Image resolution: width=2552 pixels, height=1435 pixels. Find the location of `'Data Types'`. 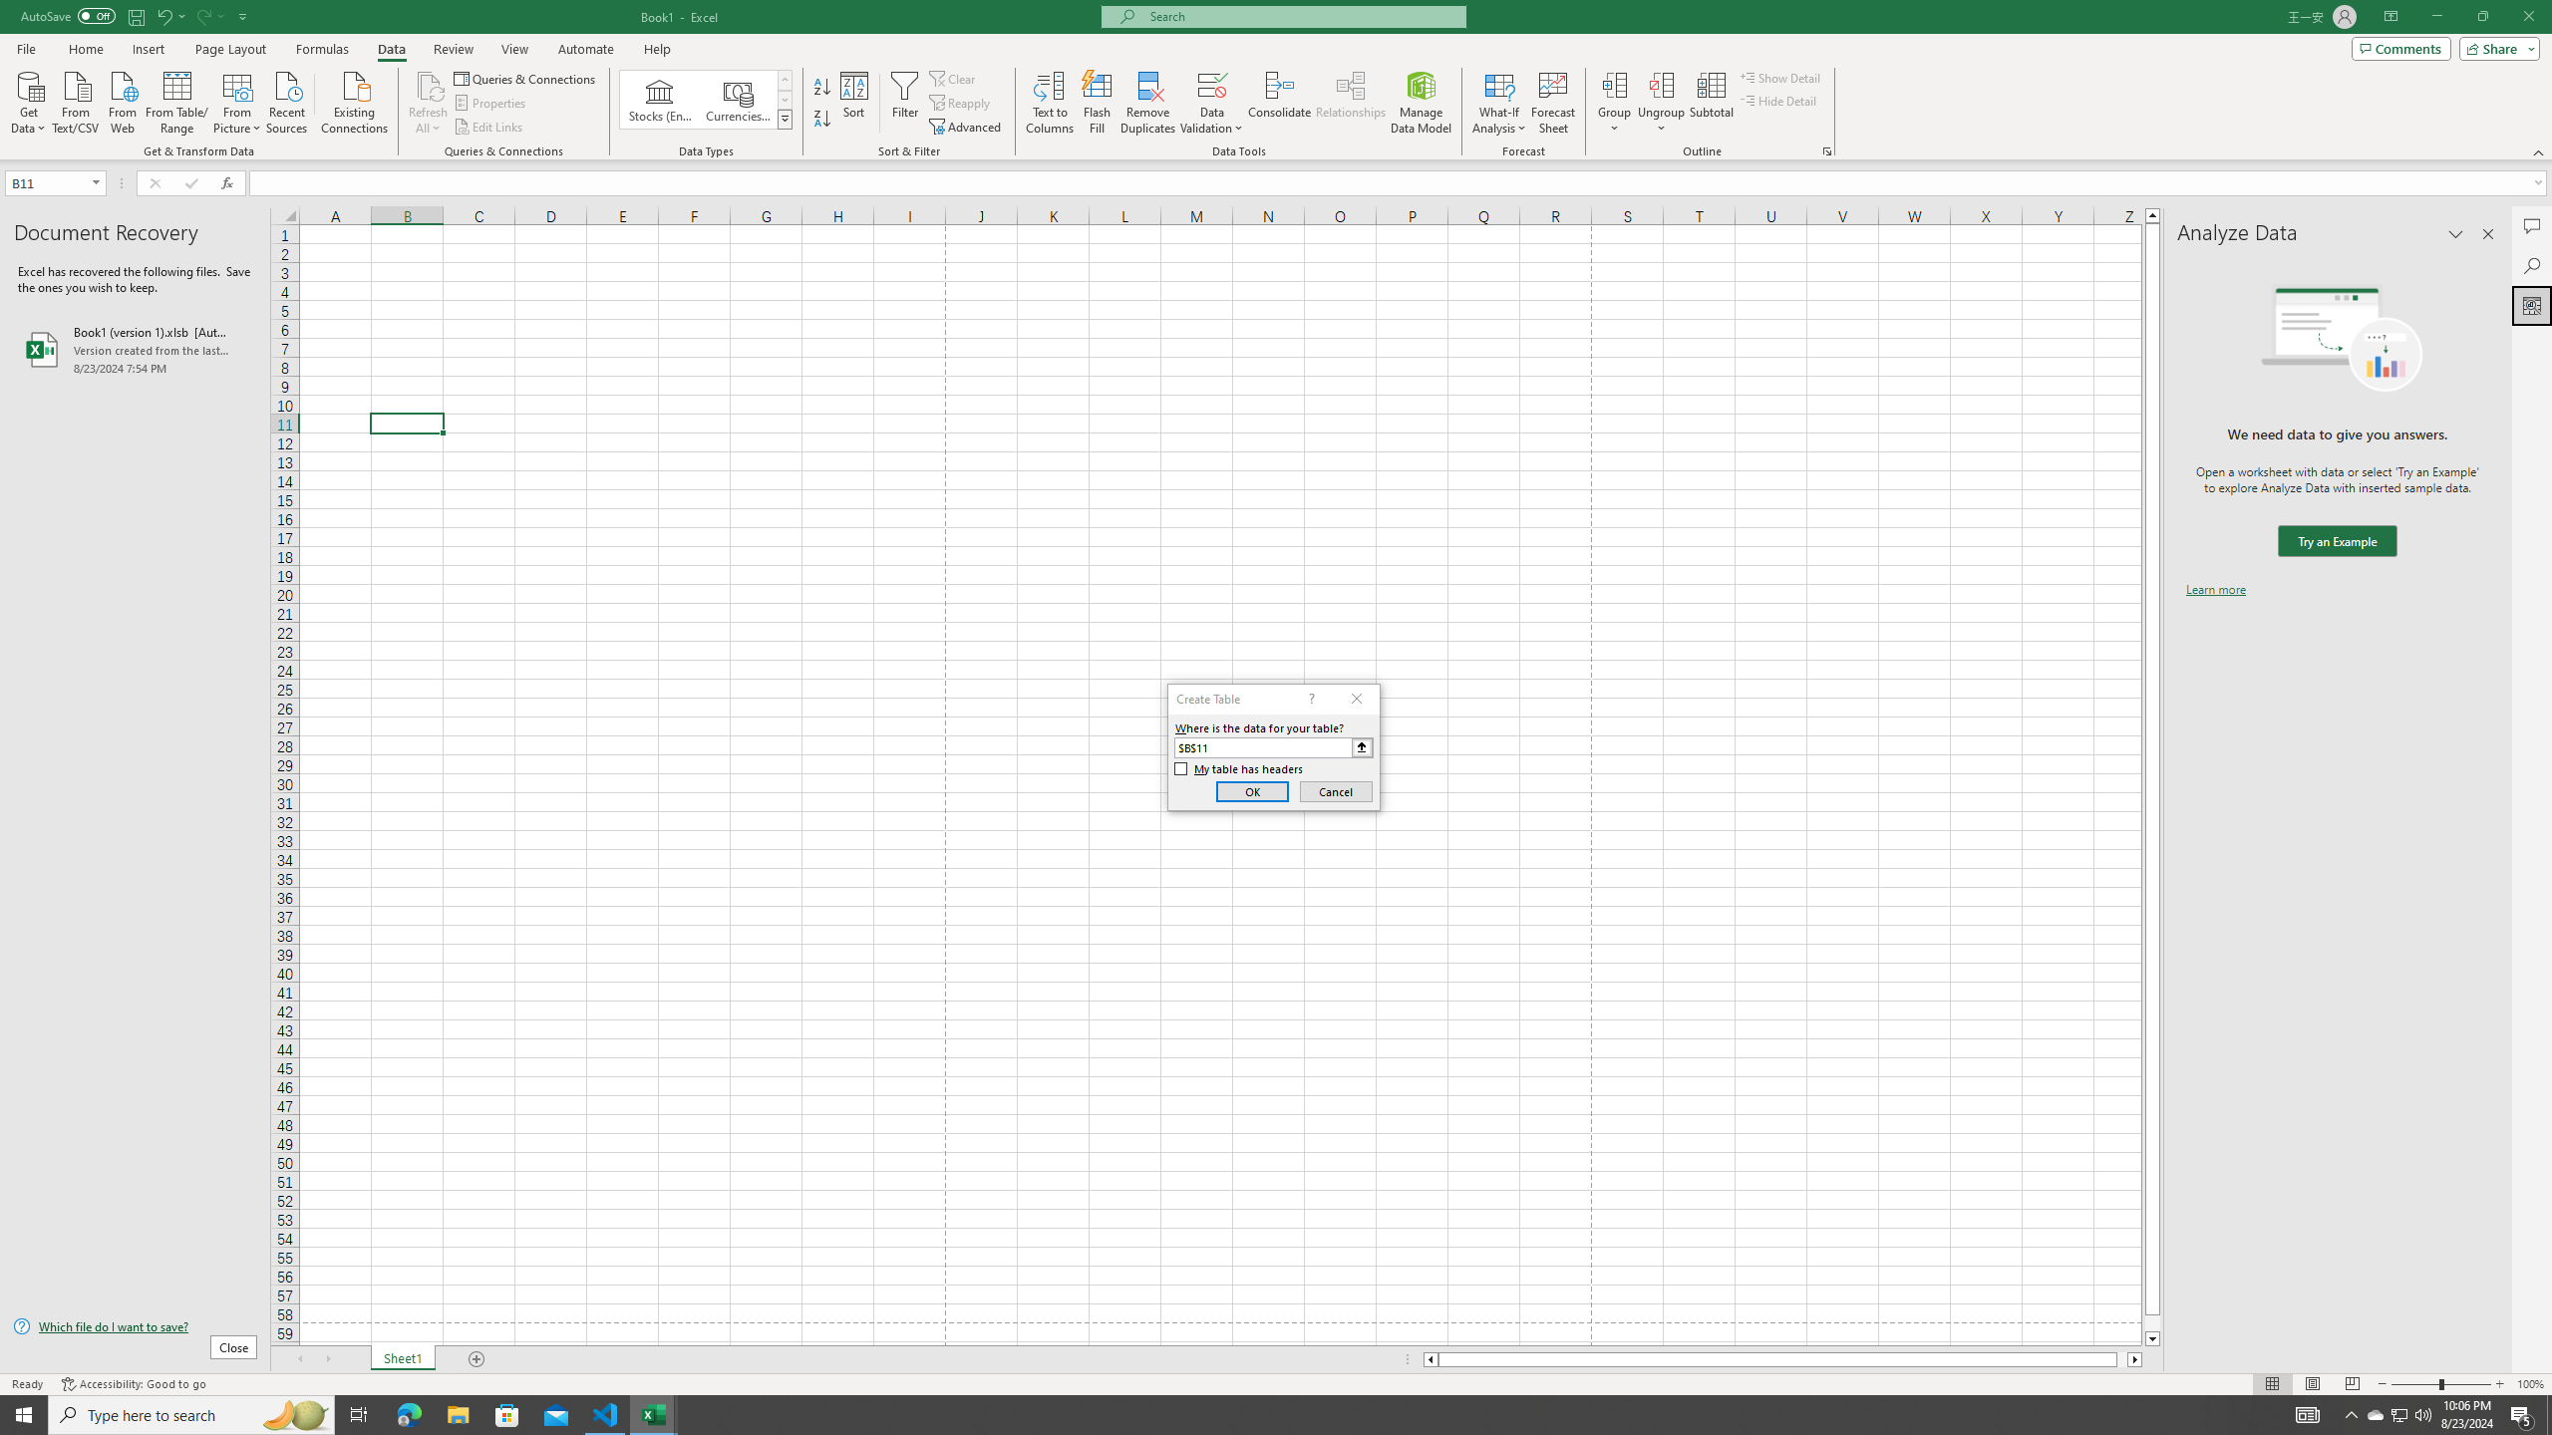

'Data Types' is located at coordinates (785, 118).